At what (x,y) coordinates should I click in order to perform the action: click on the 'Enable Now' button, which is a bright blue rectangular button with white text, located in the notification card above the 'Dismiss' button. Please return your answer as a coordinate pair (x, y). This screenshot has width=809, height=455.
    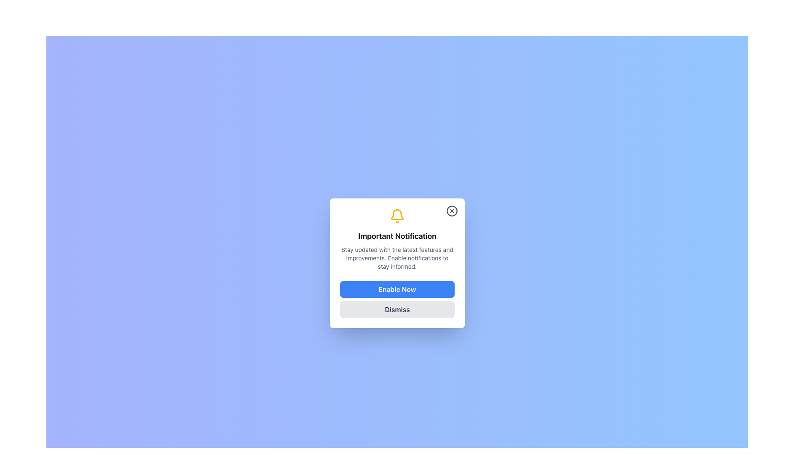
    Looking at the image, I should click on (396, 289).